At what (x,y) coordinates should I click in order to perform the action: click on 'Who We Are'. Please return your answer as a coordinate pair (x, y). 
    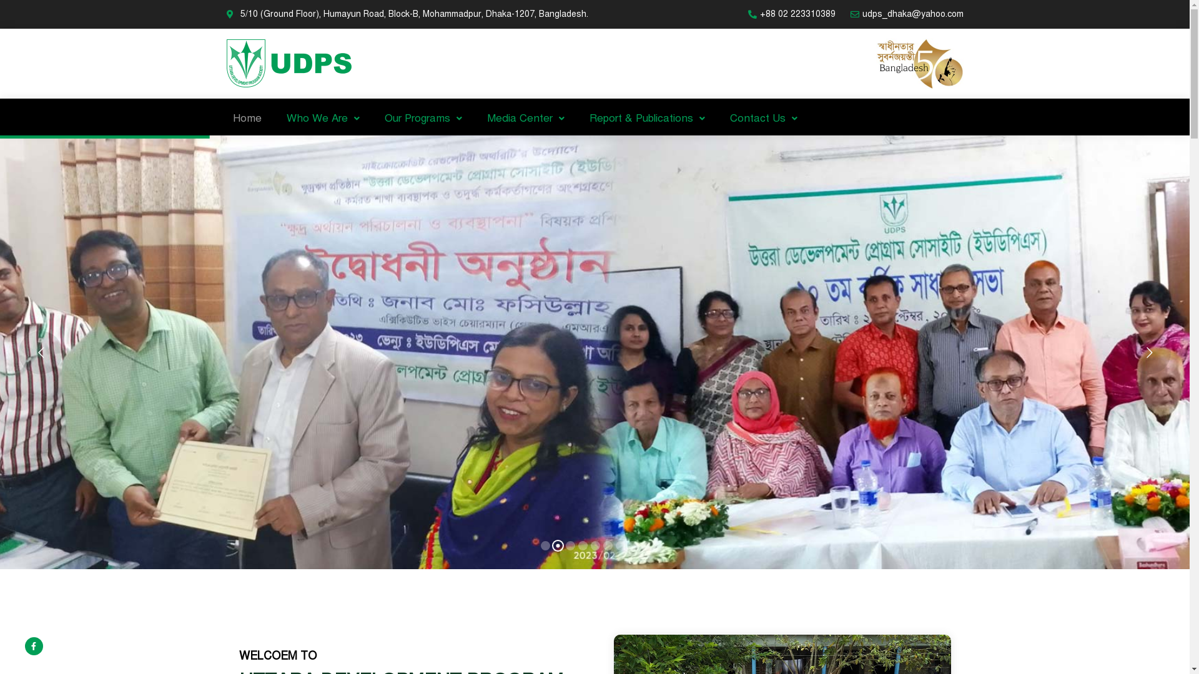
    Looking at the image, I should click on (272, 118).